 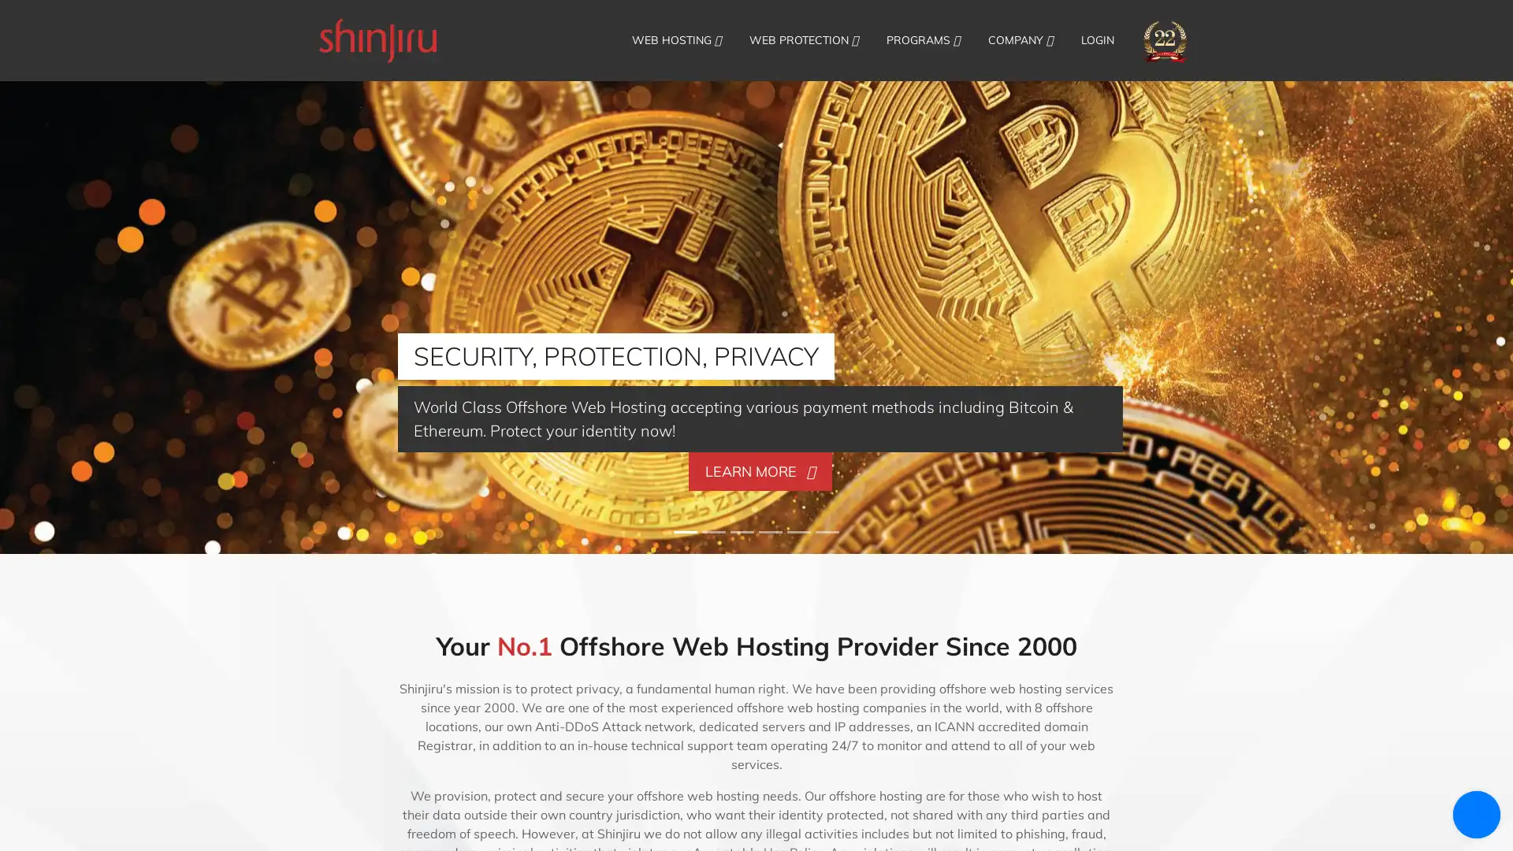 I want to click on LEARN MORE, so click(x=760, y=470).